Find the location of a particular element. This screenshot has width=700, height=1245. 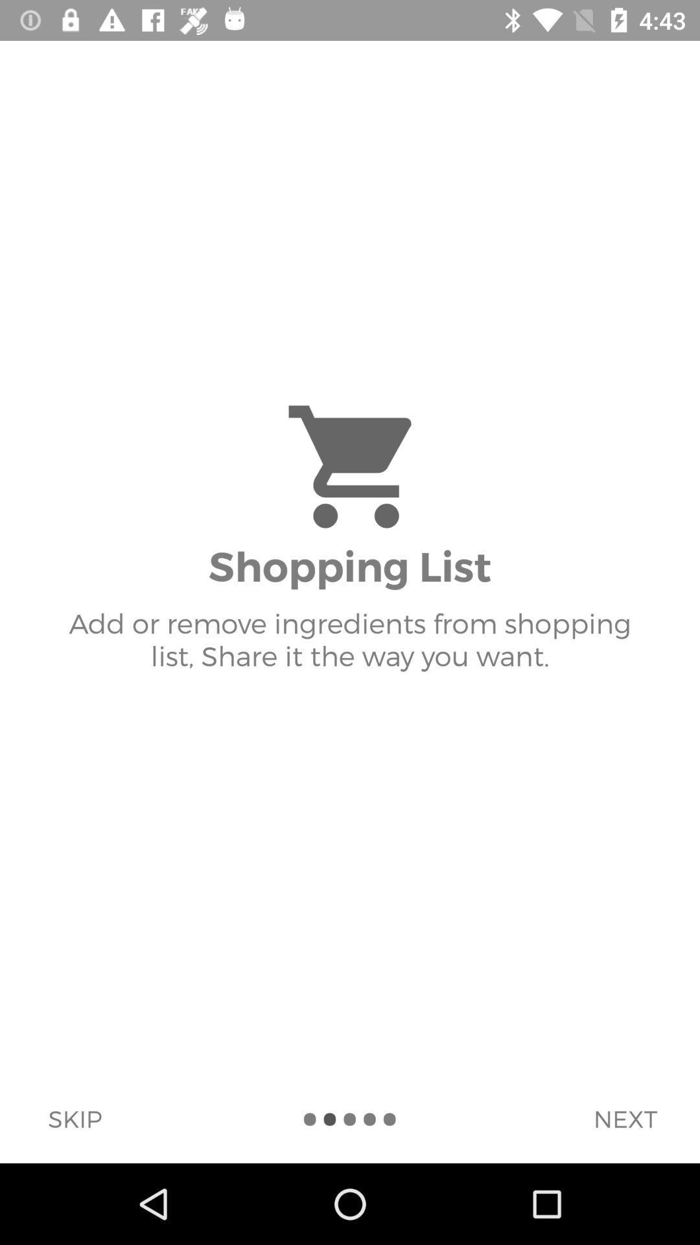

icon at the bottom left corner is located at coordinates (75, 1118).